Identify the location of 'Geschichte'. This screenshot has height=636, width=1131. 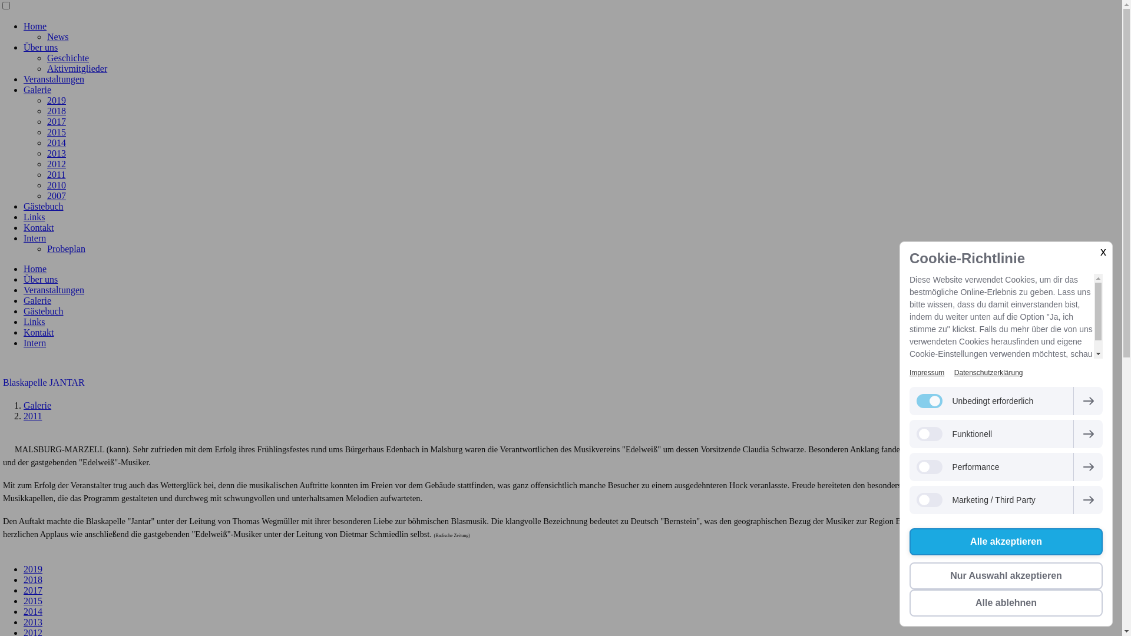
(47, 58).